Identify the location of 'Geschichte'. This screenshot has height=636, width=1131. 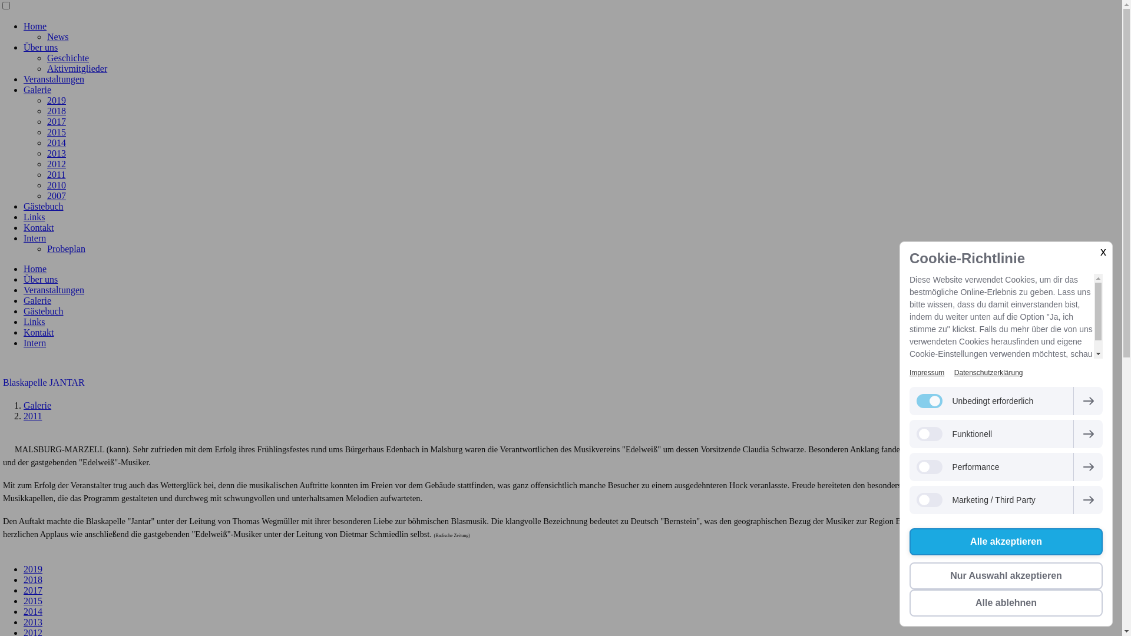
(47, 58).